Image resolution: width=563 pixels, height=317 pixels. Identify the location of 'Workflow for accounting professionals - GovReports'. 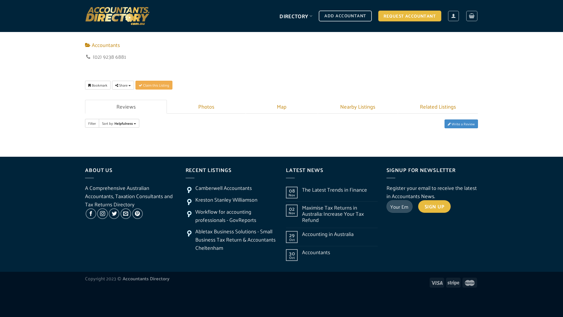
(225, 216).